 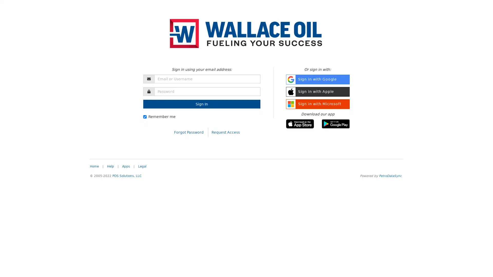 What do you see at coordinates (202, 104) in the screenshot?
I see `Sign In` at bounding box center [202, 104].